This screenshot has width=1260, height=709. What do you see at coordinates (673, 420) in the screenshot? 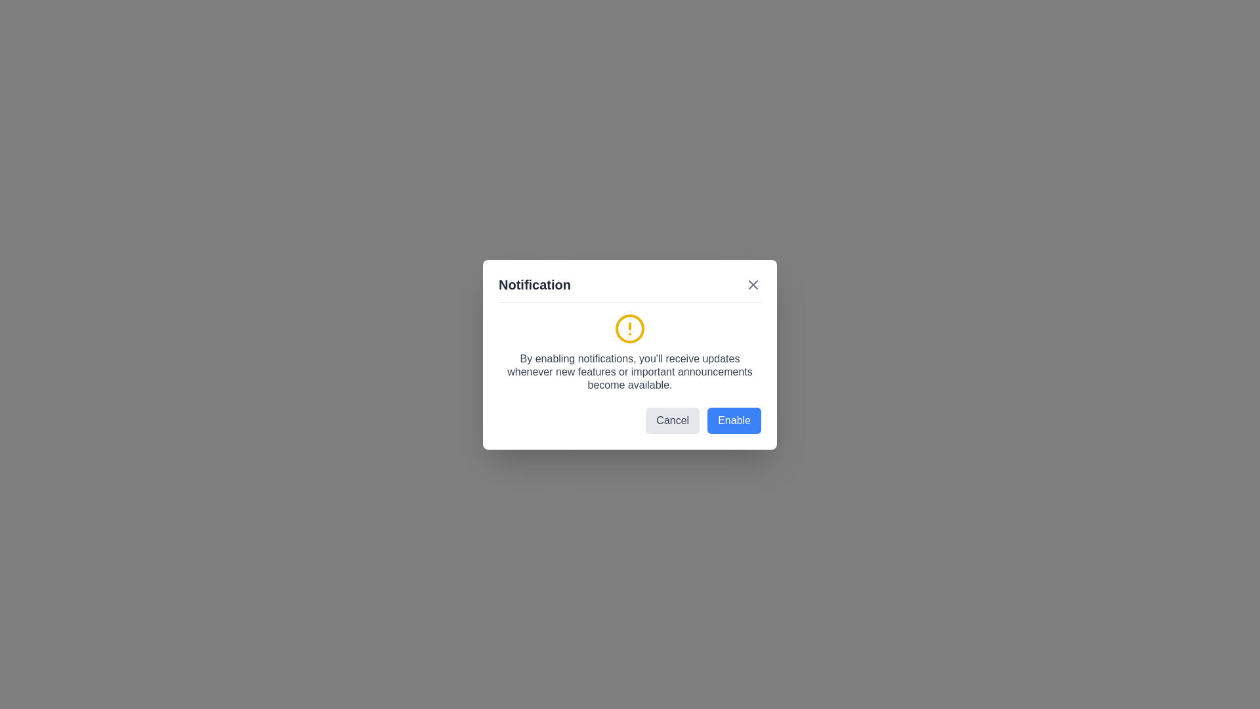
I see `the 'Cancel' button to dismiss the dialog` at bounding box center [673, 420].